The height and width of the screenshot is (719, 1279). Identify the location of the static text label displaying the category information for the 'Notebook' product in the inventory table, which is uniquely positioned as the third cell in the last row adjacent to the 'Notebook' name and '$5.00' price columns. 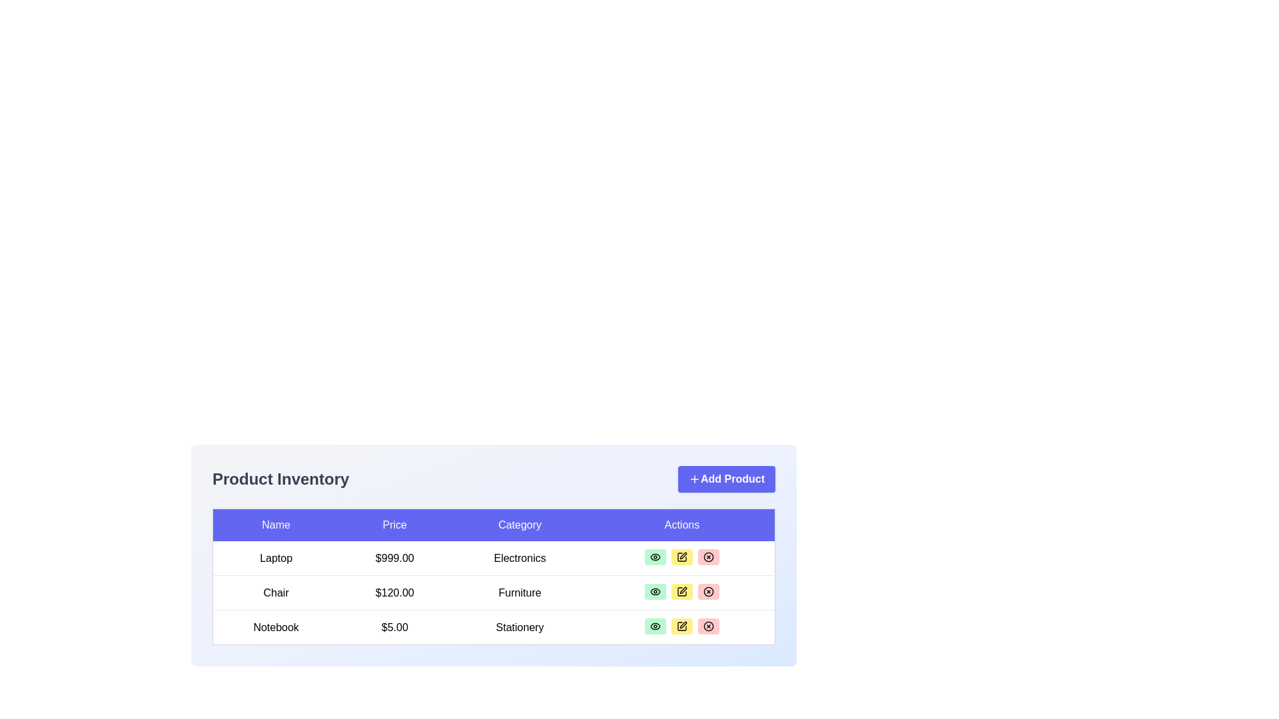
(519, 627).